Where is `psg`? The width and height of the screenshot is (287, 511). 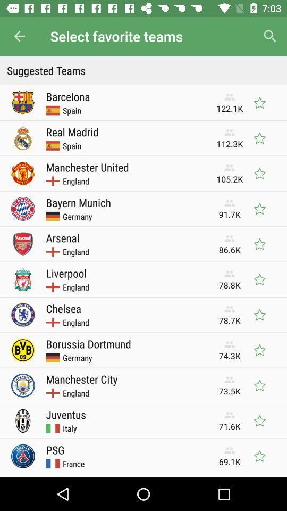 psg is located at coordinates (55, 449).